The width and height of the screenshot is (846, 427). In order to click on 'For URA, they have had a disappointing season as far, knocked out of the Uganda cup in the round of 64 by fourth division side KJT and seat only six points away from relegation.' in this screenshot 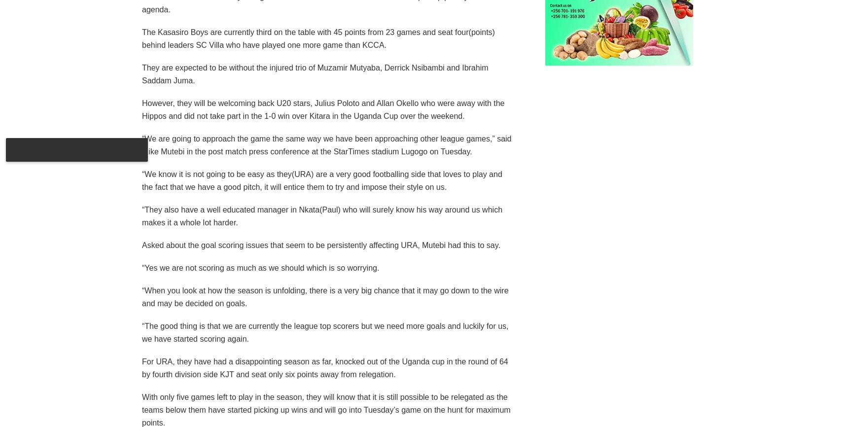, I will do `click(141, 367)`.